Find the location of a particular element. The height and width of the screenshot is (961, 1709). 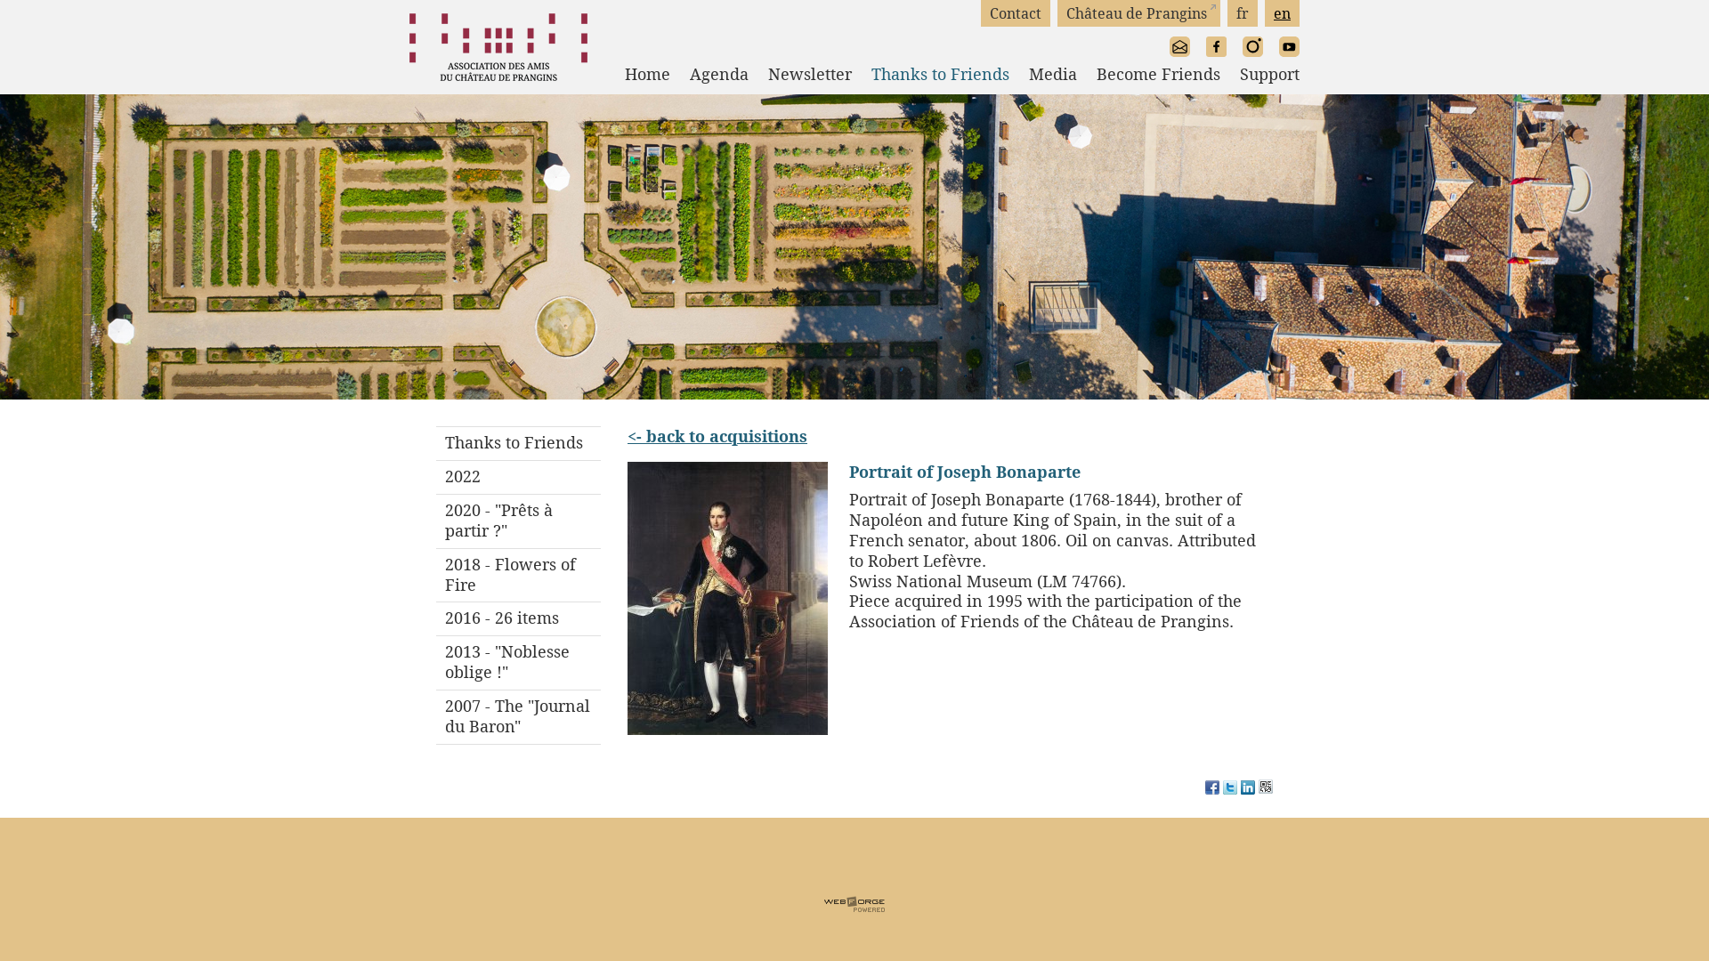

'2016 - 26 items' is located at coordinates (517, 617).